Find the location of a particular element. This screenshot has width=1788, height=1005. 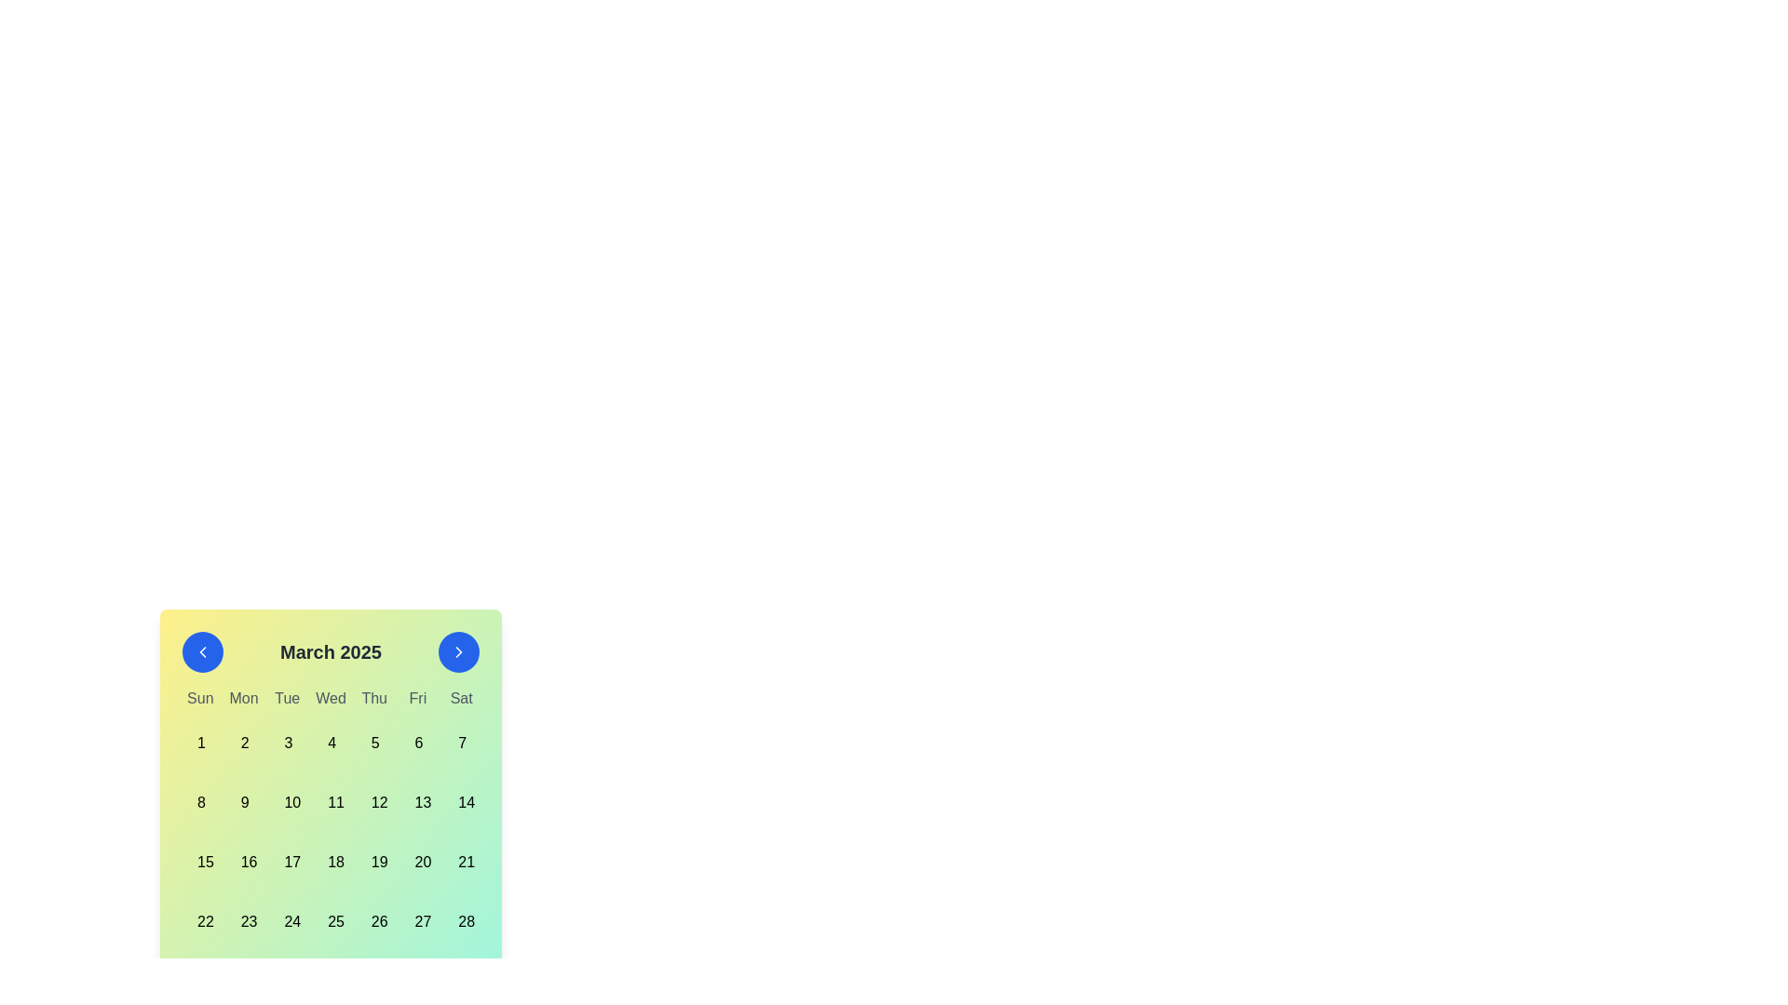

the right arrow navigation button in the top-right corner of the calendar interface is located at coordinates (459, 651).